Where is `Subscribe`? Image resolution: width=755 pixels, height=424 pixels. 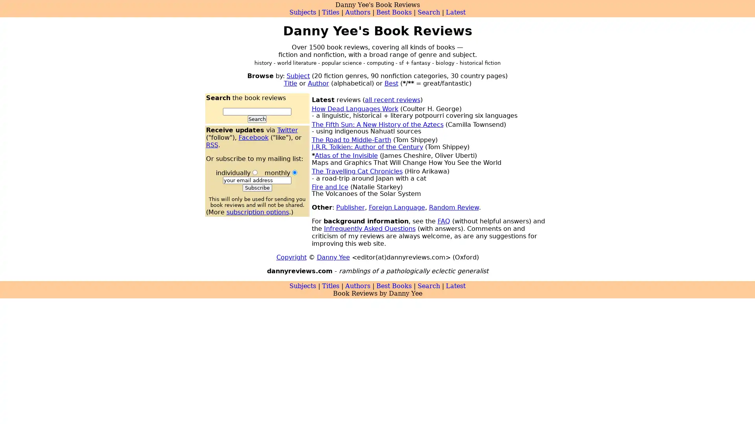
Subscribe is located at coordinates (257, 188).